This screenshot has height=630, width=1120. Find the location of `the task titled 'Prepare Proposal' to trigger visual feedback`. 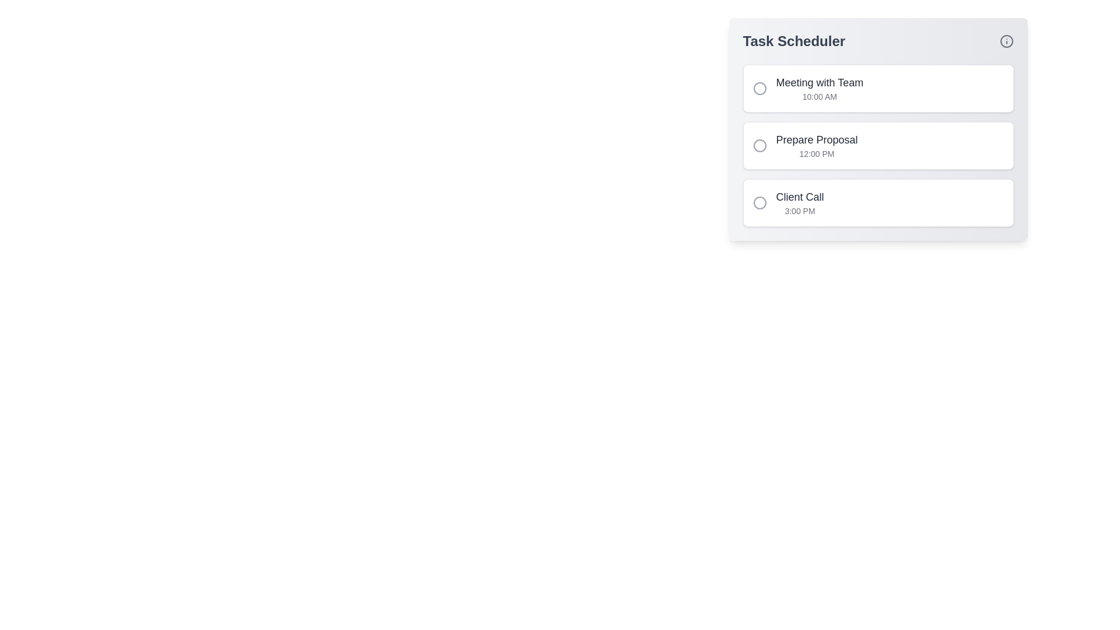

the task titled 'Prepare Proposal' to trigger visual feedback is located at coordinates (878, 145).